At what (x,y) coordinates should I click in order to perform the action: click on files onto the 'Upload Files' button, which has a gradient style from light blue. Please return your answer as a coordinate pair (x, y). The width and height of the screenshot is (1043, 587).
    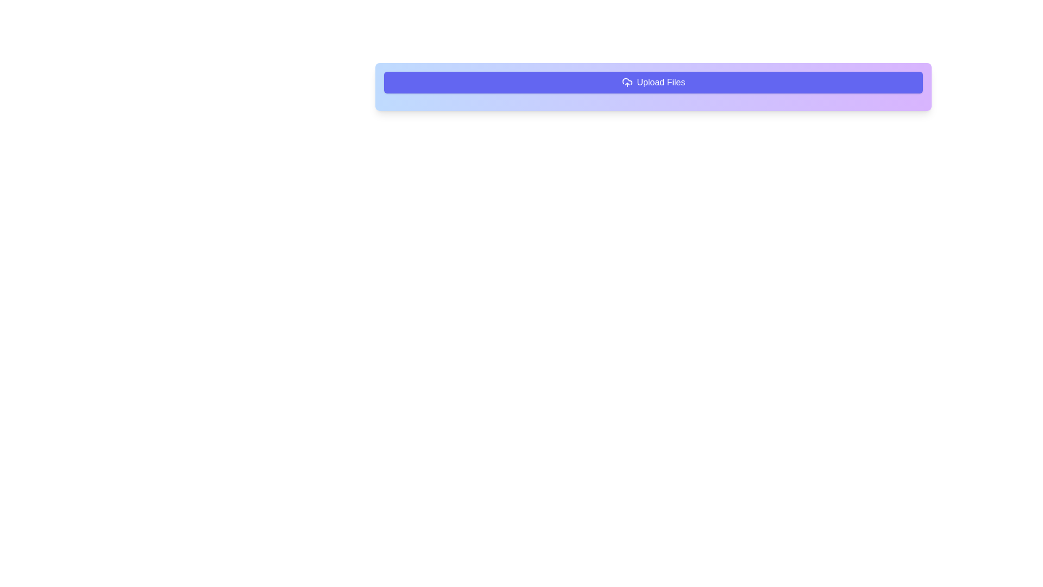
    Looking at the image, I should click on (653, 86).